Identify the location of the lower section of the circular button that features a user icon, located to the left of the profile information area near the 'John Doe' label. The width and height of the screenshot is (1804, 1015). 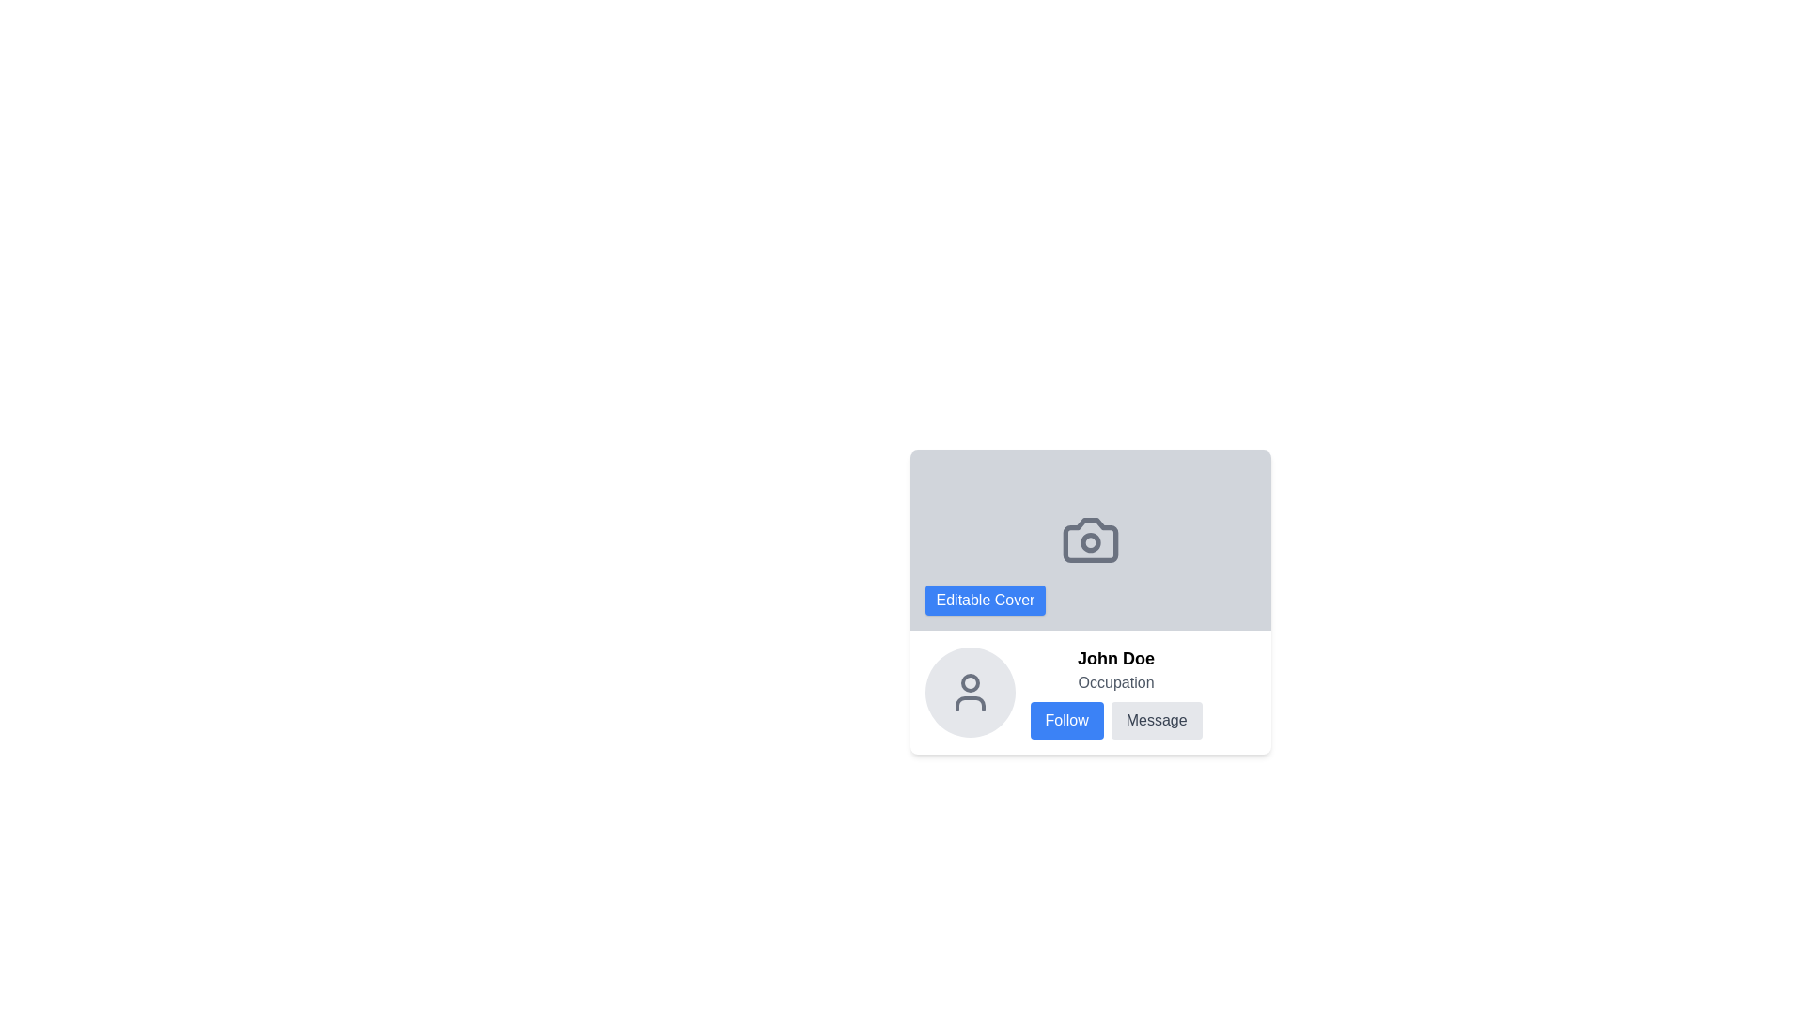
(970, 703).